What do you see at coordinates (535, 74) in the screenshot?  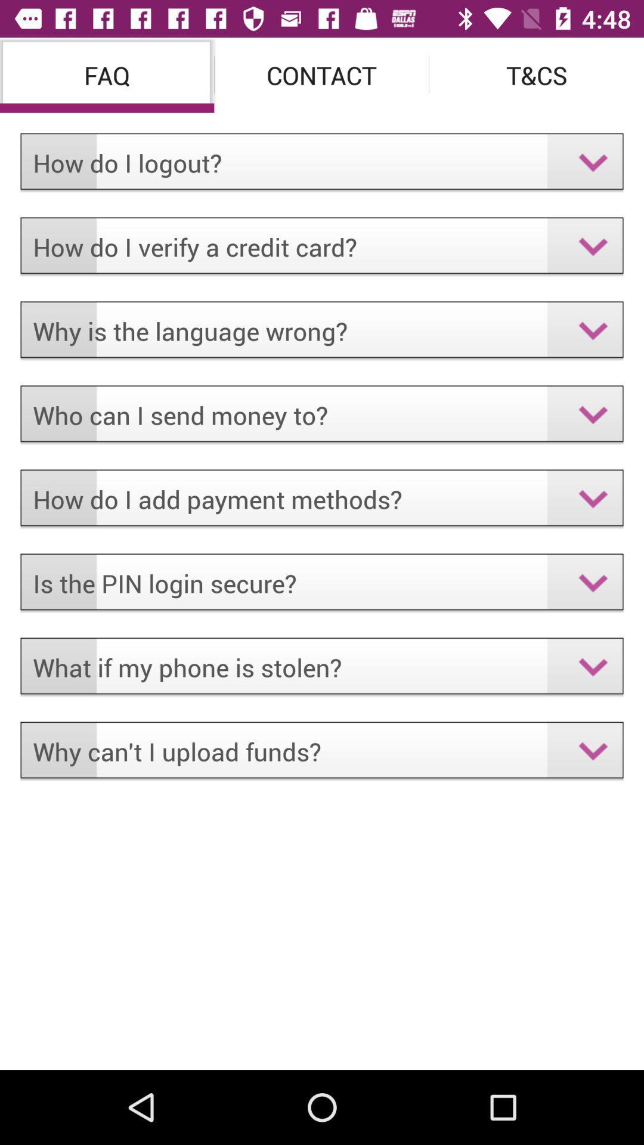 I see `the item to the right of the contact` at bounding box center [535, 74].